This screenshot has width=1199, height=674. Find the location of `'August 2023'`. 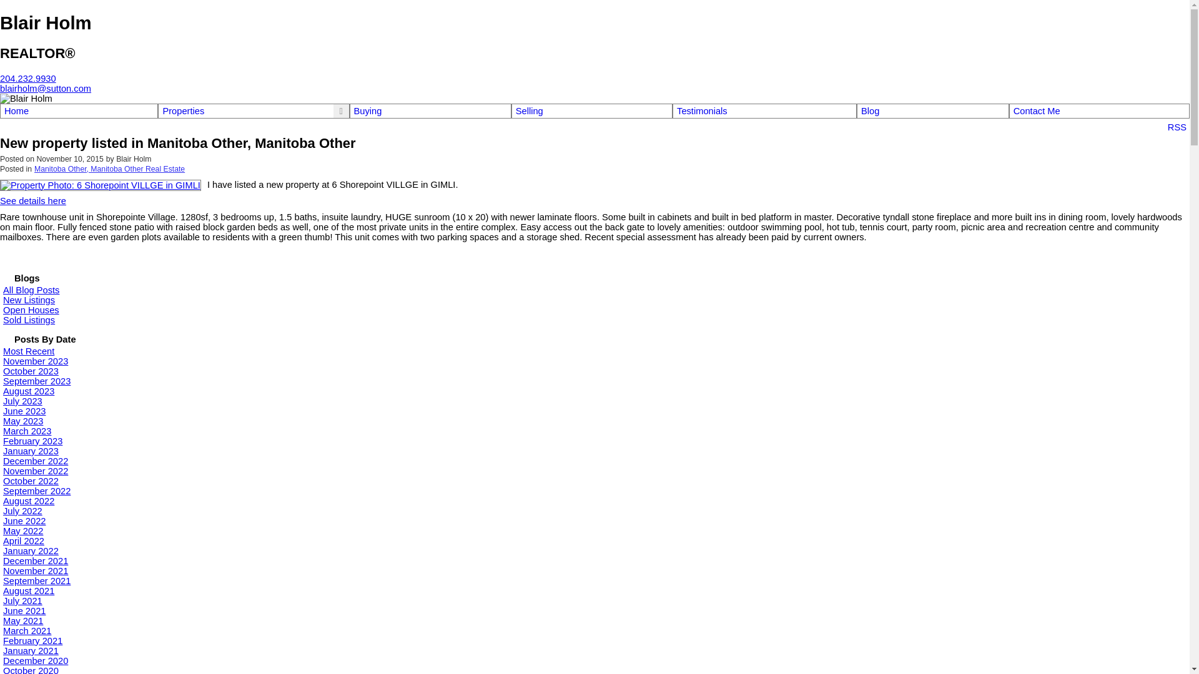

'August 2023' is located at coordinates (29, 391).